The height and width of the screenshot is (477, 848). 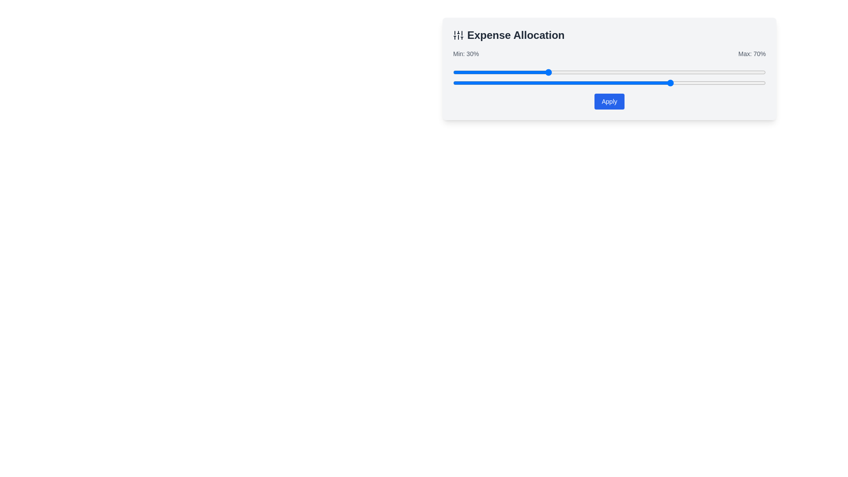 What do you see at coordinates (565, 83) in the screenshot?
I see `the slider's value` at bounding box center [565, 83].